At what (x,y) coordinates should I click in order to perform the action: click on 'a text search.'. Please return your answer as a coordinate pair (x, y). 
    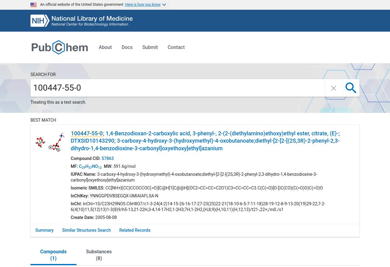
    Looking at the image, I should click on (73, 102).